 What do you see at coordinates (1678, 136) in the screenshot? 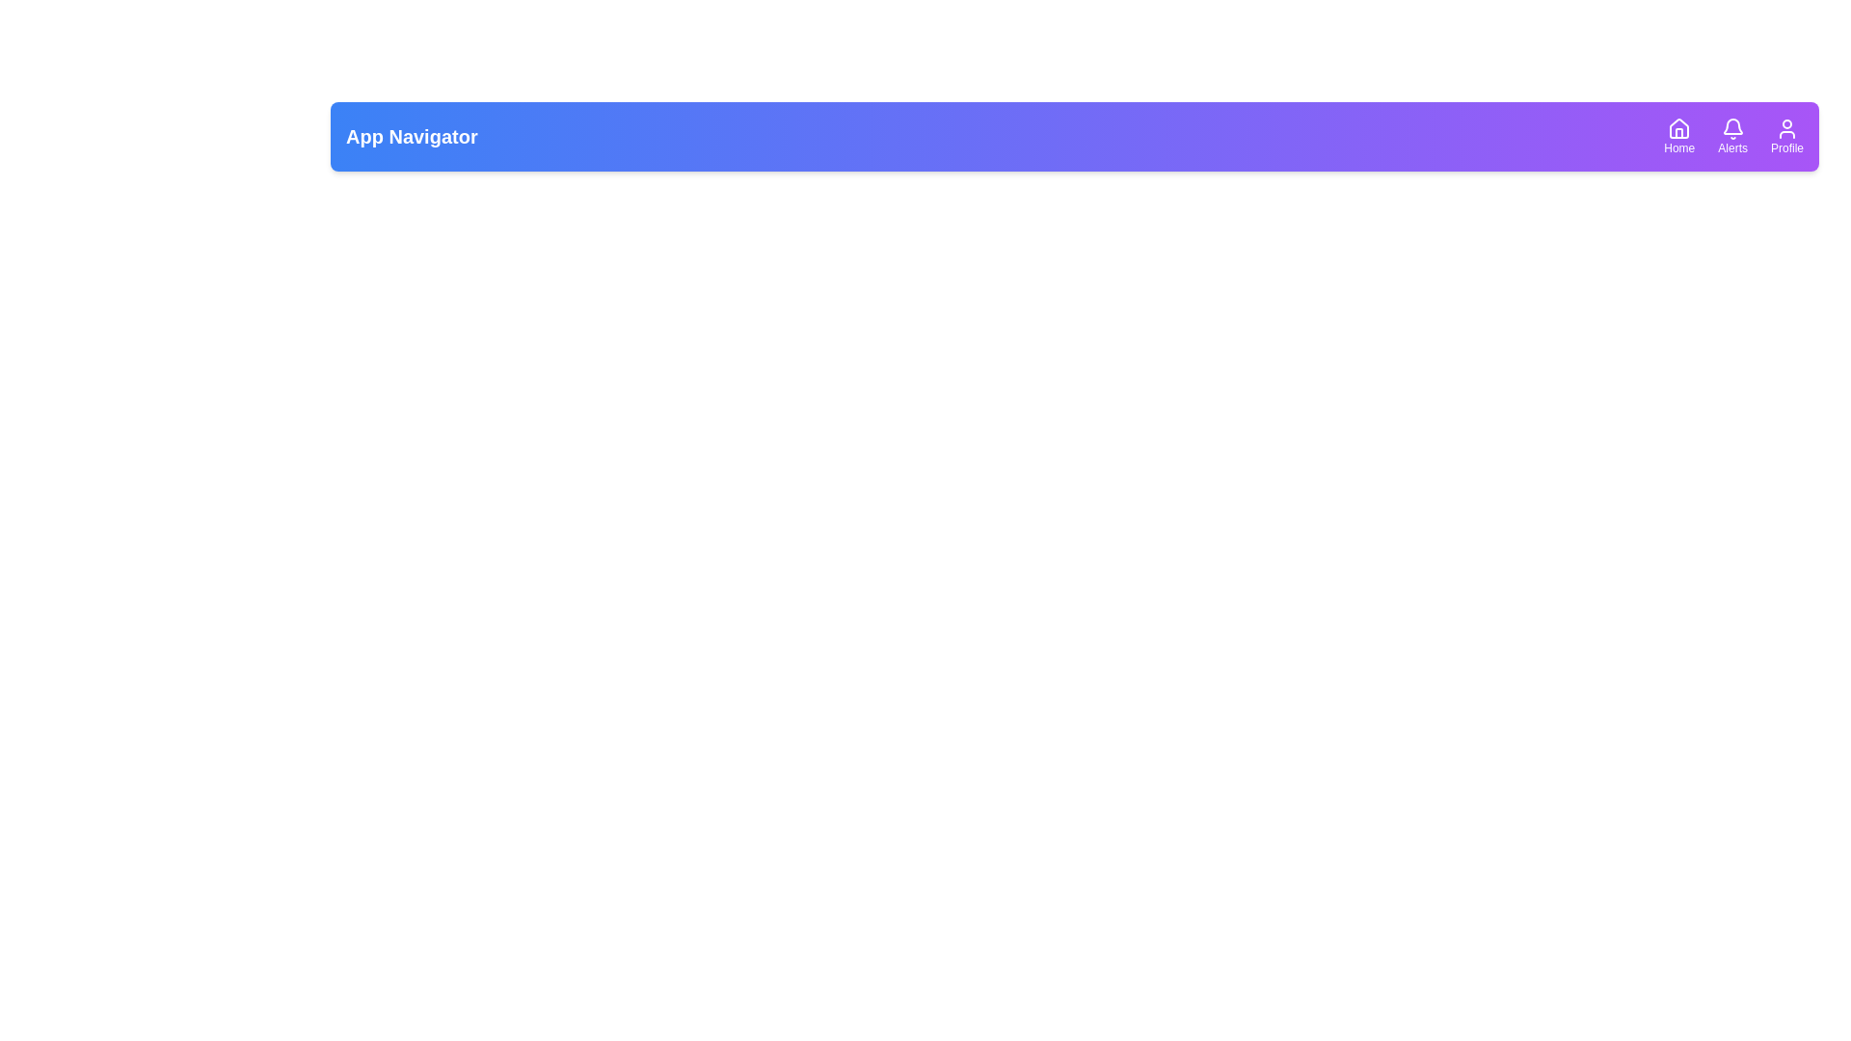
I see `the 'Home' button with a house icon located on the right side of the navigation bar` at bounding box center [1678, 136].